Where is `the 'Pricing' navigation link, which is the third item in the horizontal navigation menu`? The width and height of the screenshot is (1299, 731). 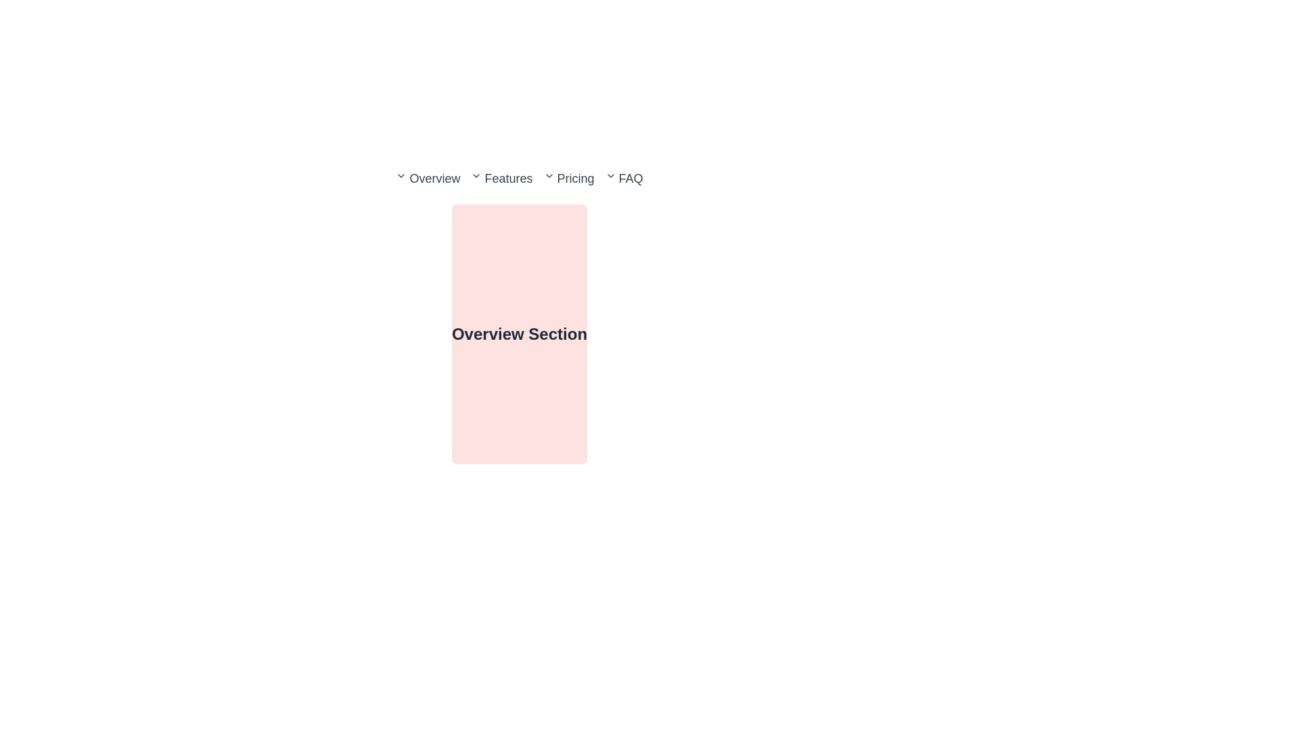 the 'Pricing' navigation link, which is the third item in the horizontal navigation menu is located at coordinates (568, 177).